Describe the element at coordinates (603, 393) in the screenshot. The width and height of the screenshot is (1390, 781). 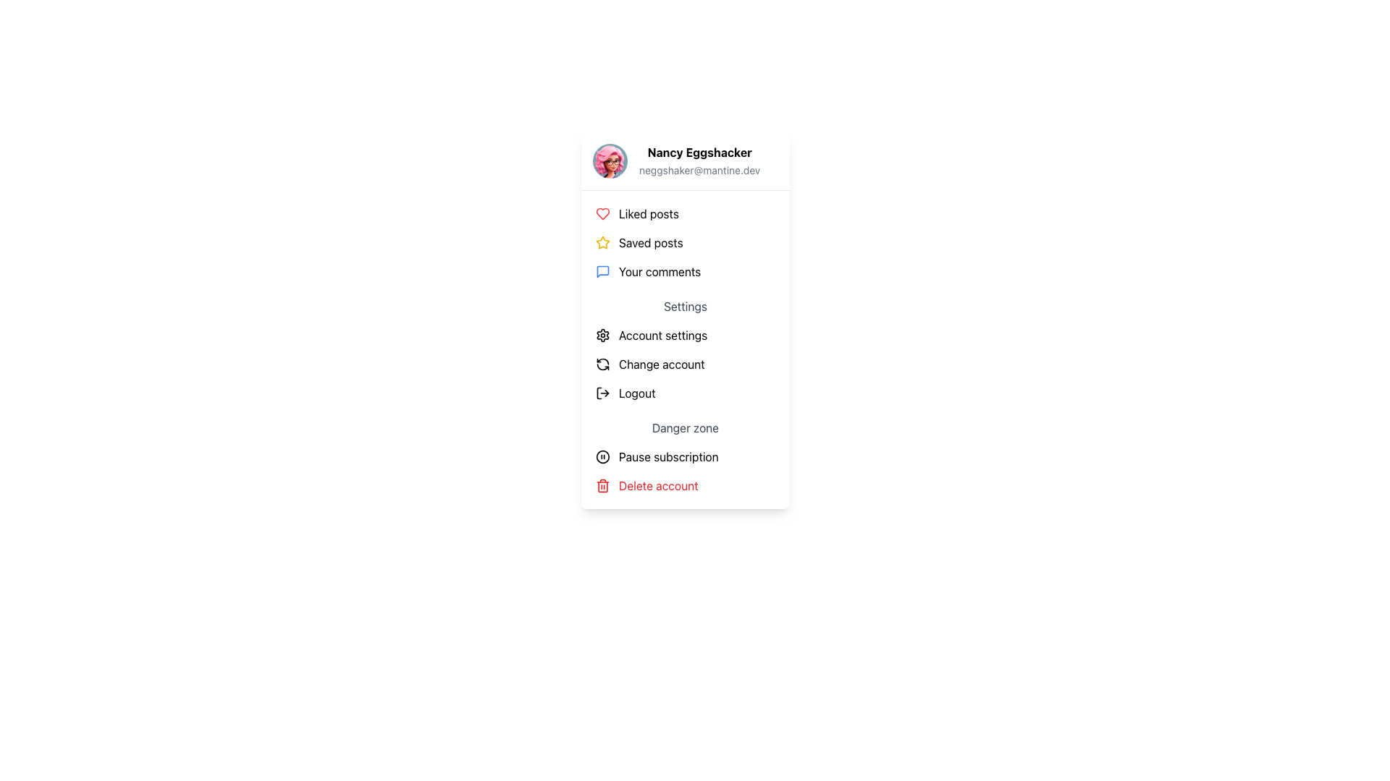
I see `the icon shaped like an arrow pointing outward and to the right, located to the left of the 'Logout' label in the dropdown menu under the user profile section` at that location.